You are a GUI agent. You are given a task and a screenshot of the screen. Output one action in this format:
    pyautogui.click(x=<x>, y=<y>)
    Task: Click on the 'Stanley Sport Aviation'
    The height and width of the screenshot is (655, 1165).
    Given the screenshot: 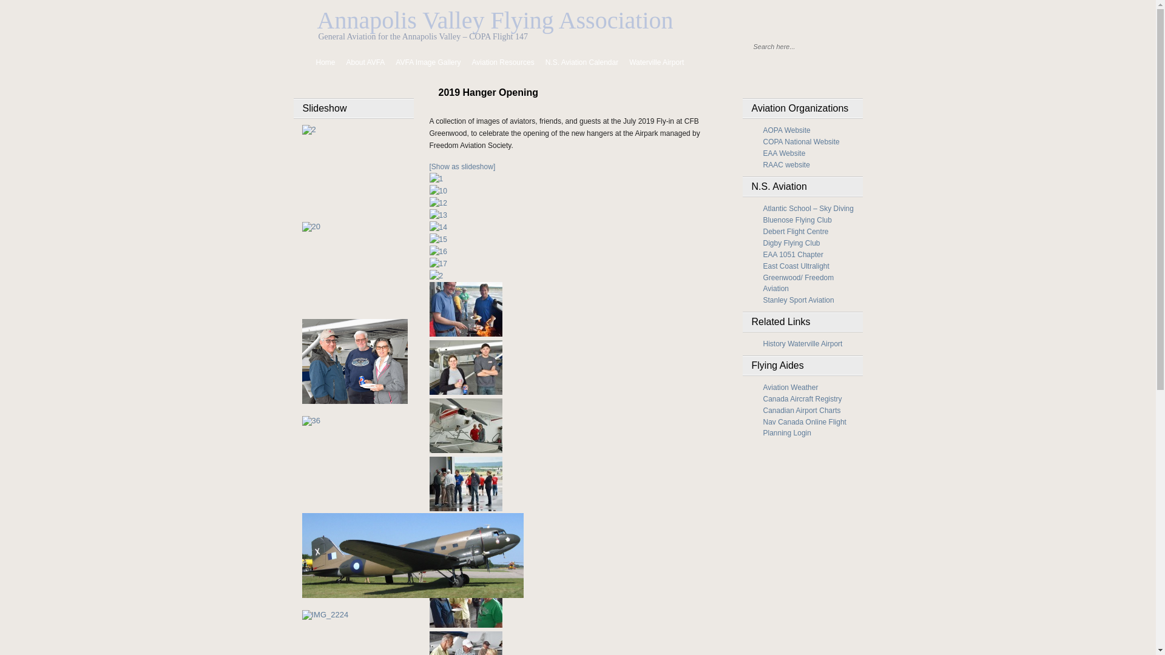 What is the action you would take?
    pyautogui.click(x=799, y=300)
    